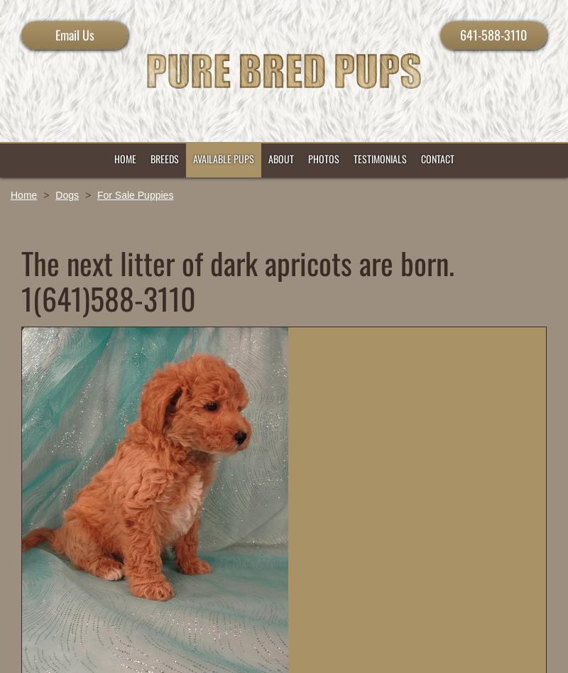 This screenshot has height=673, width=568. Describe the element at coordinates (222, 158) in the screenshot. I see `'Available Pups'` at that location.